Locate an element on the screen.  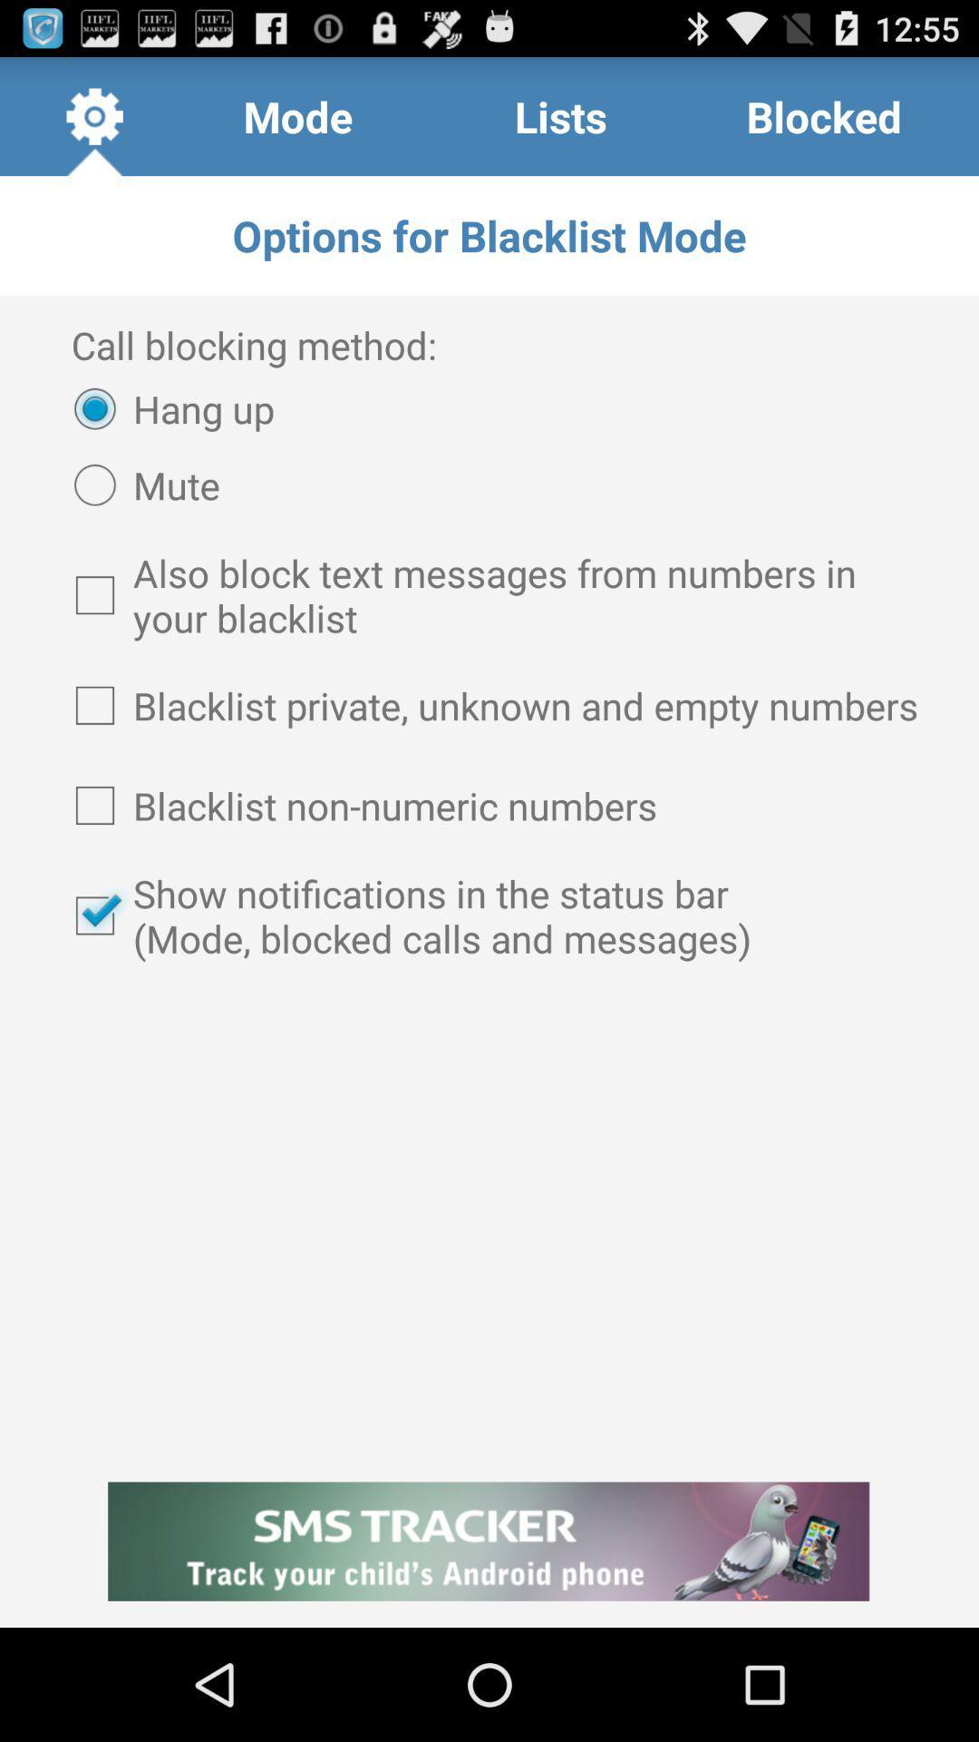
show notifications in item is located at coordinates (489, 915).